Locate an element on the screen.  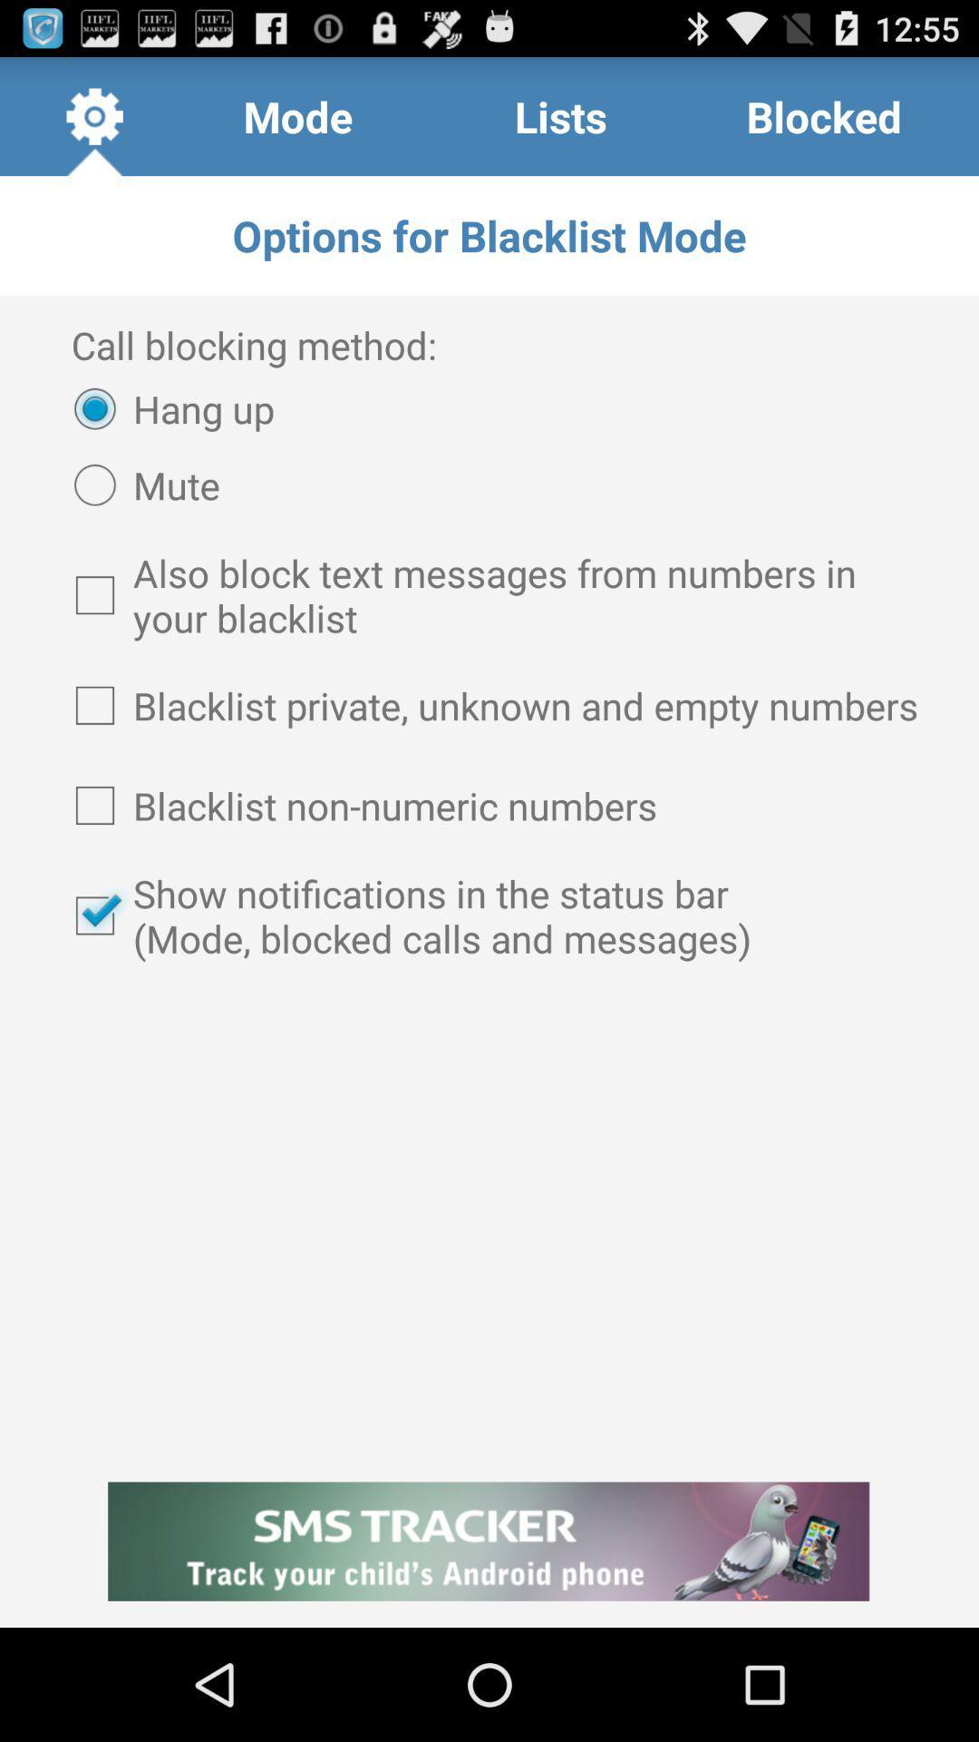
show notifications in item is located at coordinates (489, 915).